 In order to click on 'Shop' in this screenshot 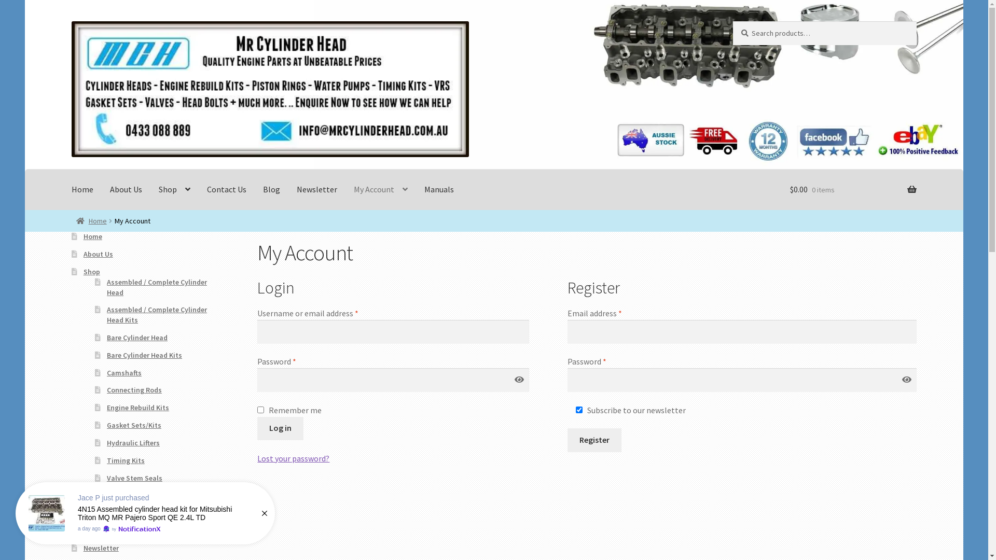, I will do `click(84, 271)`.